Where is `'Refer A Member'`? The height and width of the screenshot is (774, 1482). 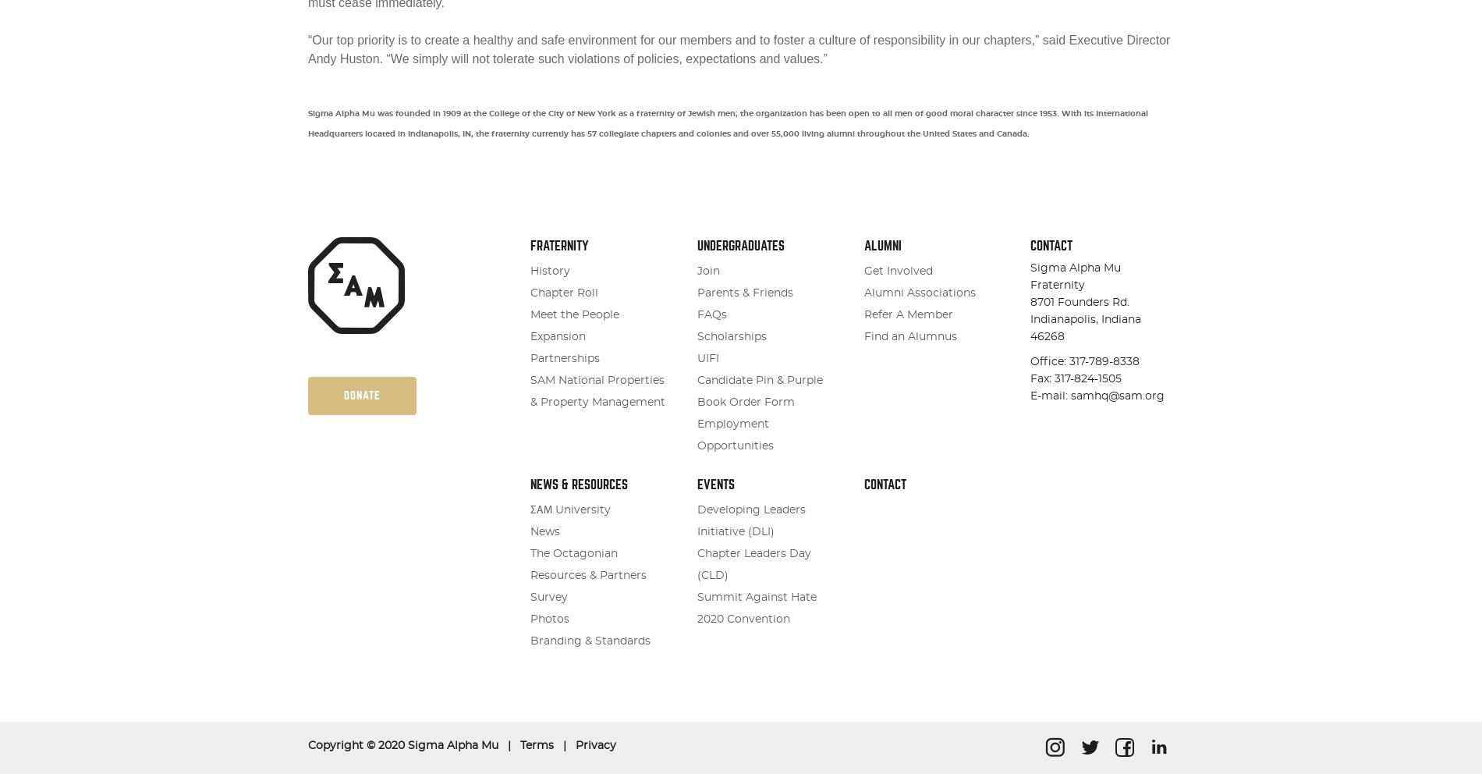
'Refer A Member' is located at coordinates (907, 315).